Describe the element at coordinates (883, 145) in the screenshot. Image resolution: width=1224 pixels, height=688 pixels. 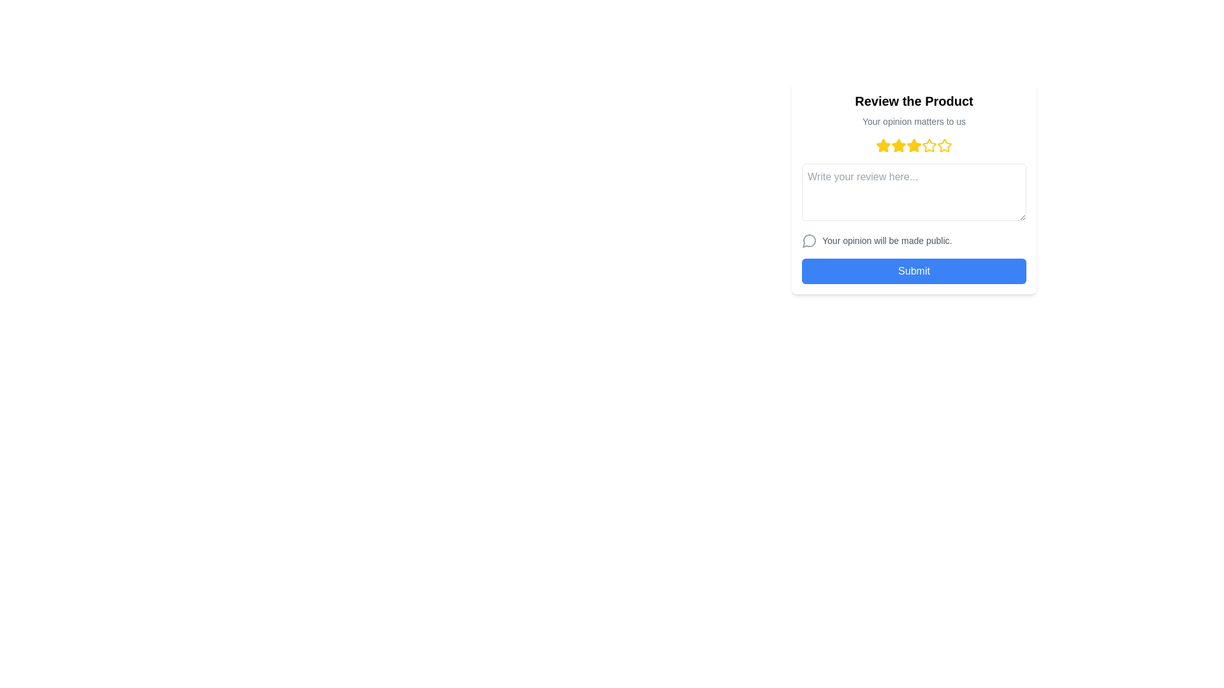
I see `the first rating star in the 1-to-5 star system located in the top-center area of the review interface` at that location.